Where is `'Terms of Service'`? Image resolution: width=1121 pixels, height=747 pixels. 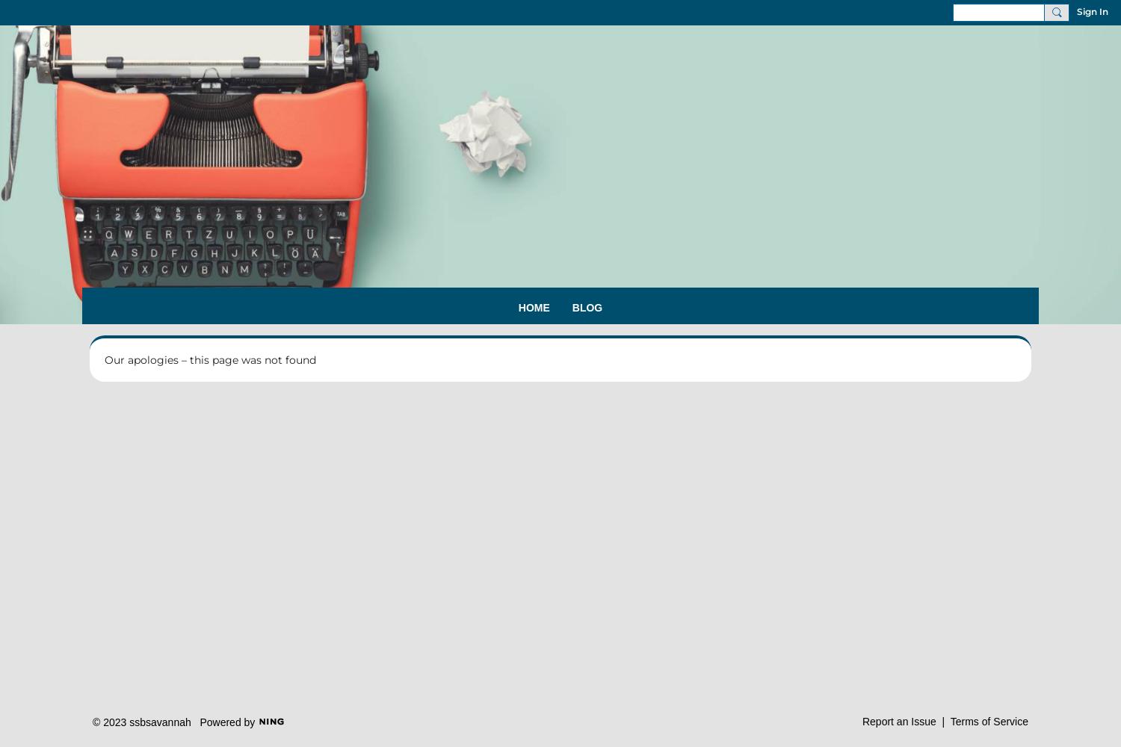 'Terms of Service' is located at coordinates (949, 720).